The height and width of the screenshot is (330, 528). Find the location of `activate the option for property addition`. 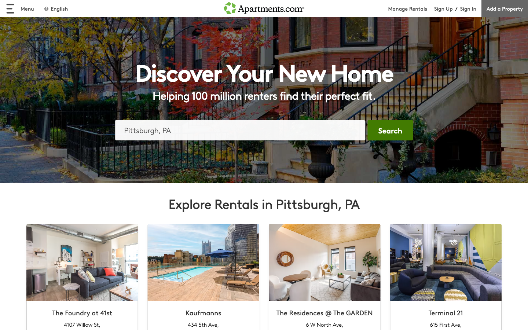

activate the option for property addition is located at coordinates (504, 8).